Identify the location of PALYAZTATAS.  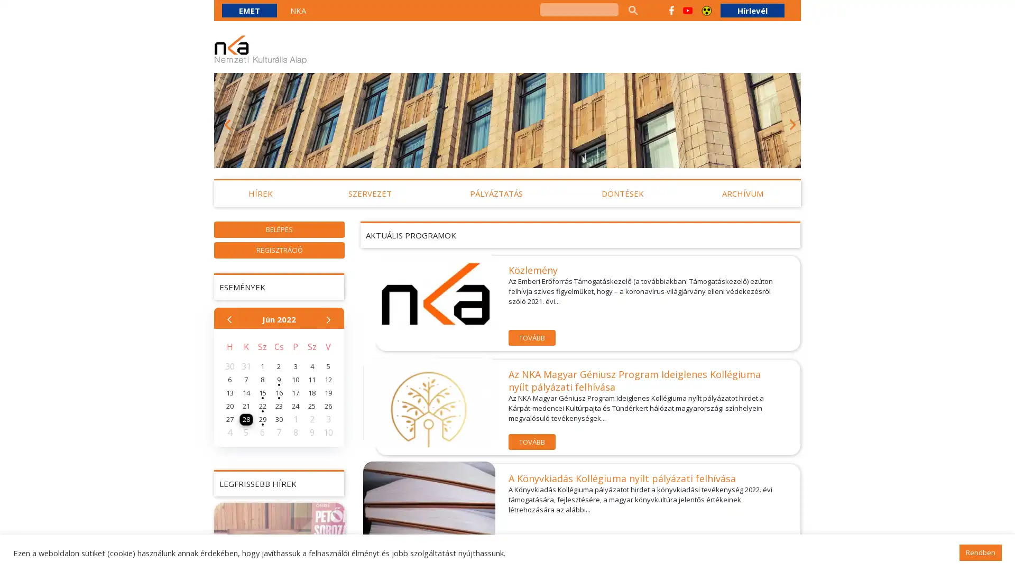
(496, 194).